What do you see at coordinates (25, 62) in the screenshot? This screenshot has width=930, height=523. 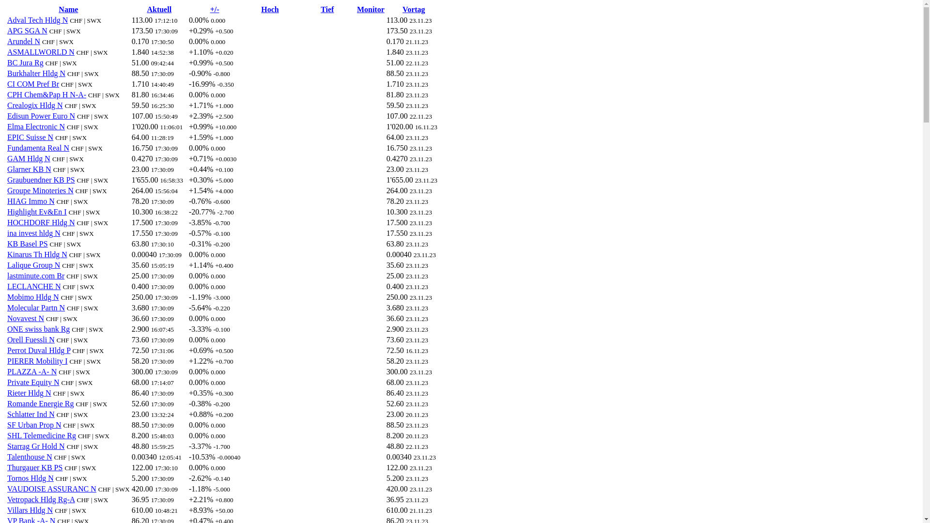 I see `'BC Jura Rg'` at bounding box center [25, 62].